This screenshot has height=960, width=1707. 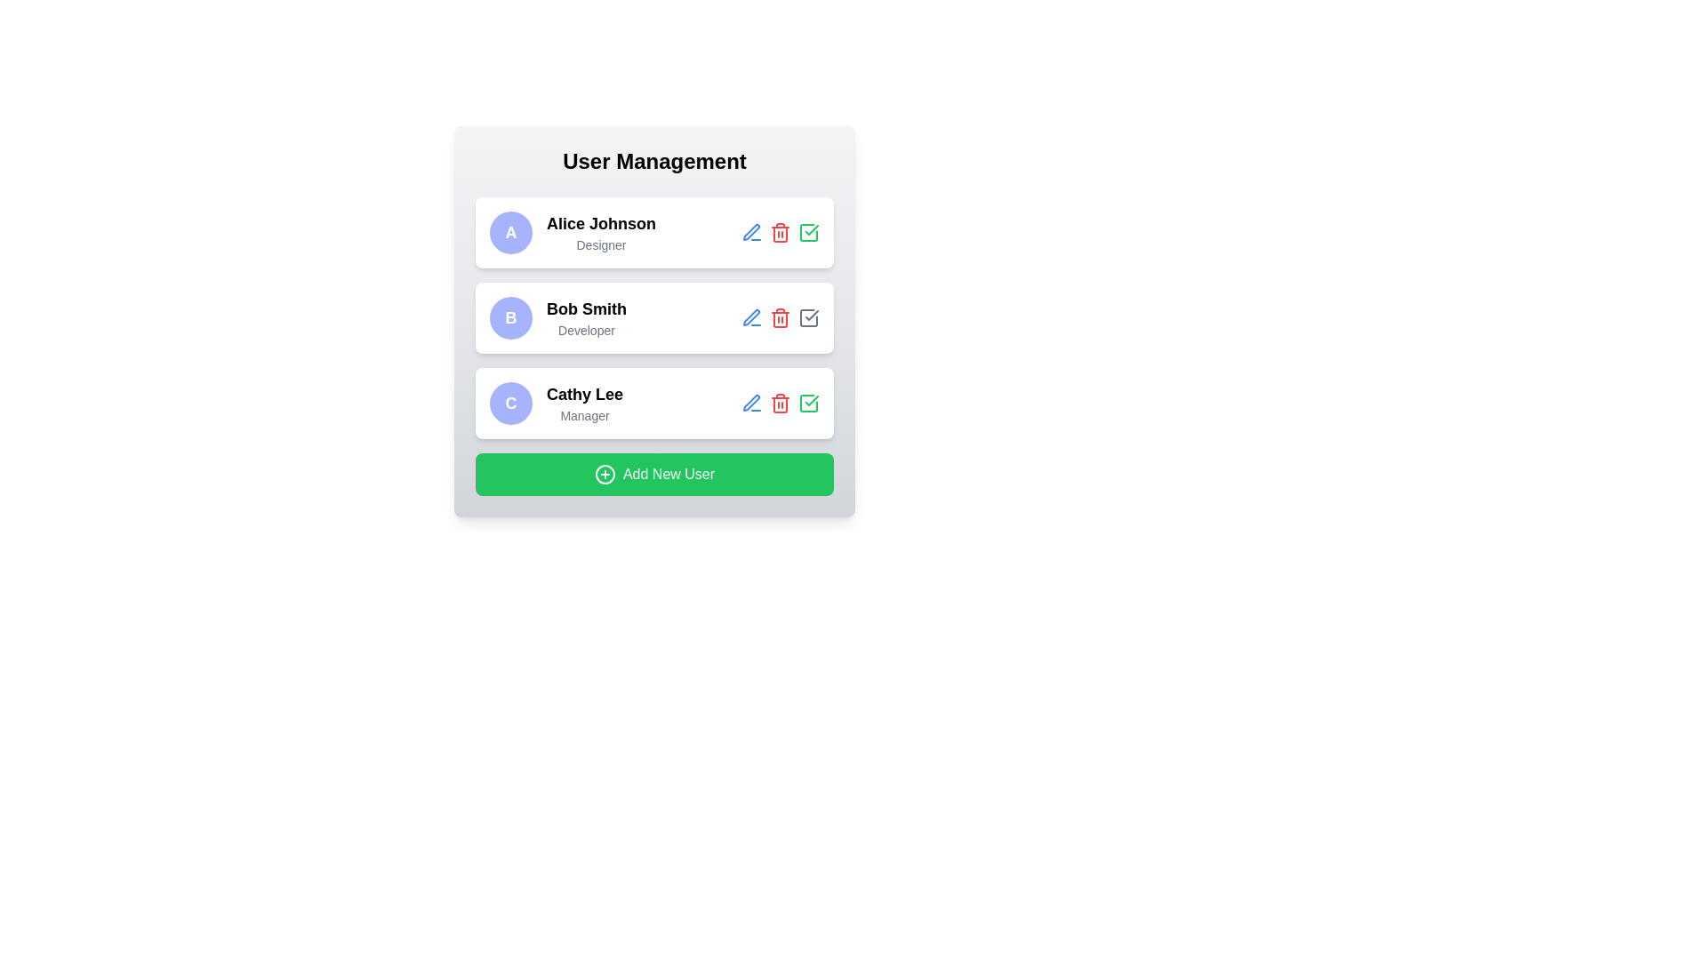 What do you see at coordinates (601, 245) in the screenshot?
I see `the text label element styled in small gray font containing the text 'Designer', located directly beneath the bolded name 'Alice Johnson' in the first user information card` at bounding box center [601, 245].